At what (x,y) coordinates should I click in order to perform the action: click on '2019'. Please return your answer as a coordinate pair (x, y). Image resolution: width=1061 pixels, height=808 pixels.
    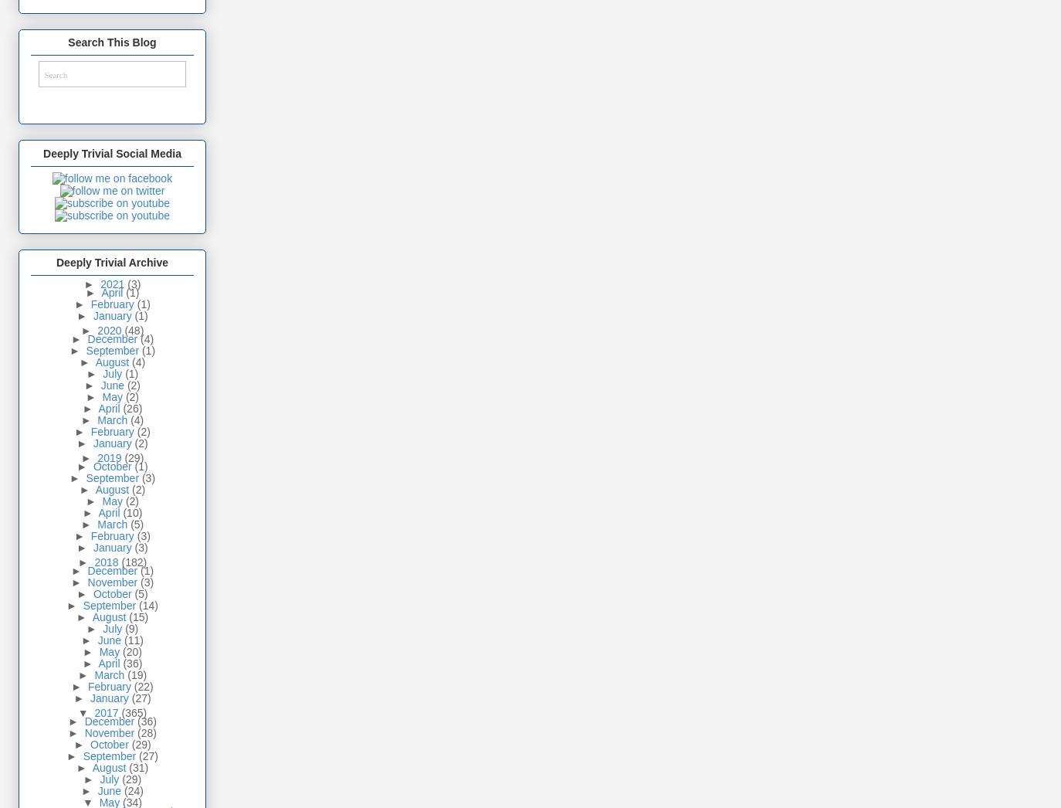
    Looking at the image, I should click on (110, 457).